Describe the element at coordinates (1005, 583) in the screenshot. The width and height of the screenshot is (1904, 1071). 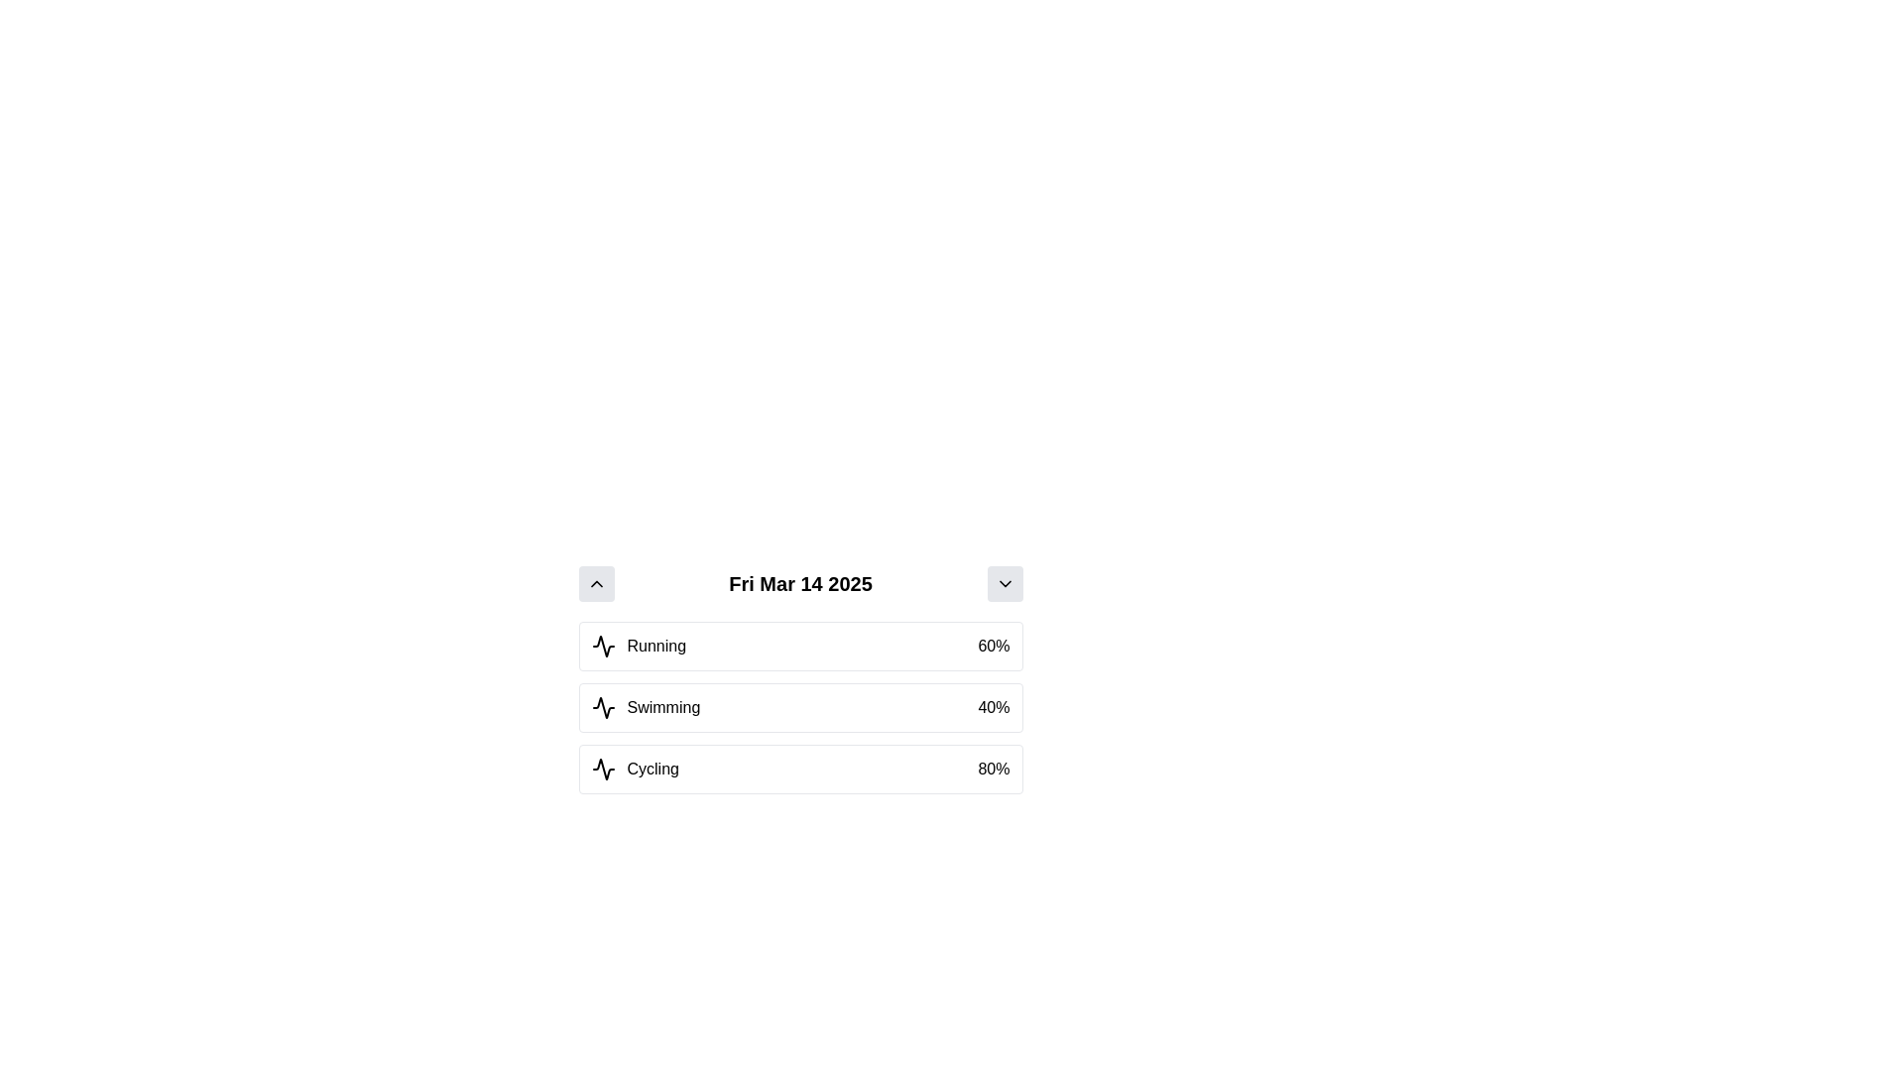
I see `the dropdown toggle button located in the header section, to the far right of the date label 'Fri Mar 14 2025'` at that location.